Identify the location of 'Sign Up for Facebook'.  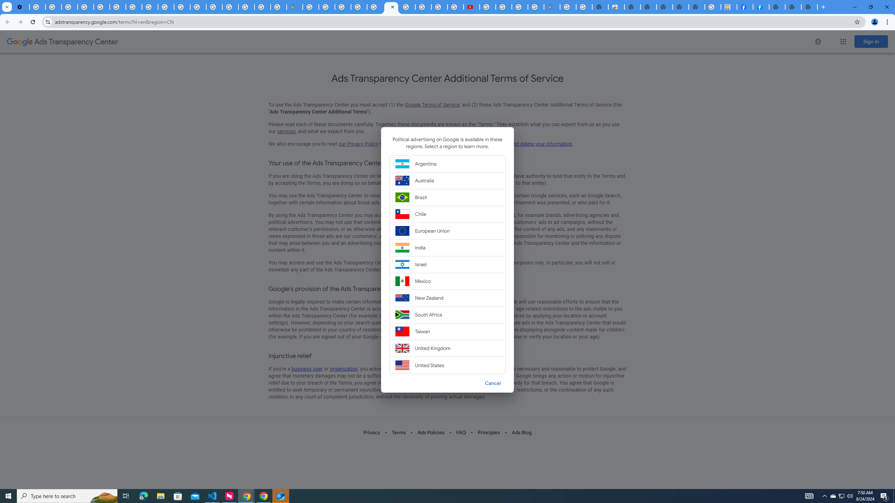
(761, 7).